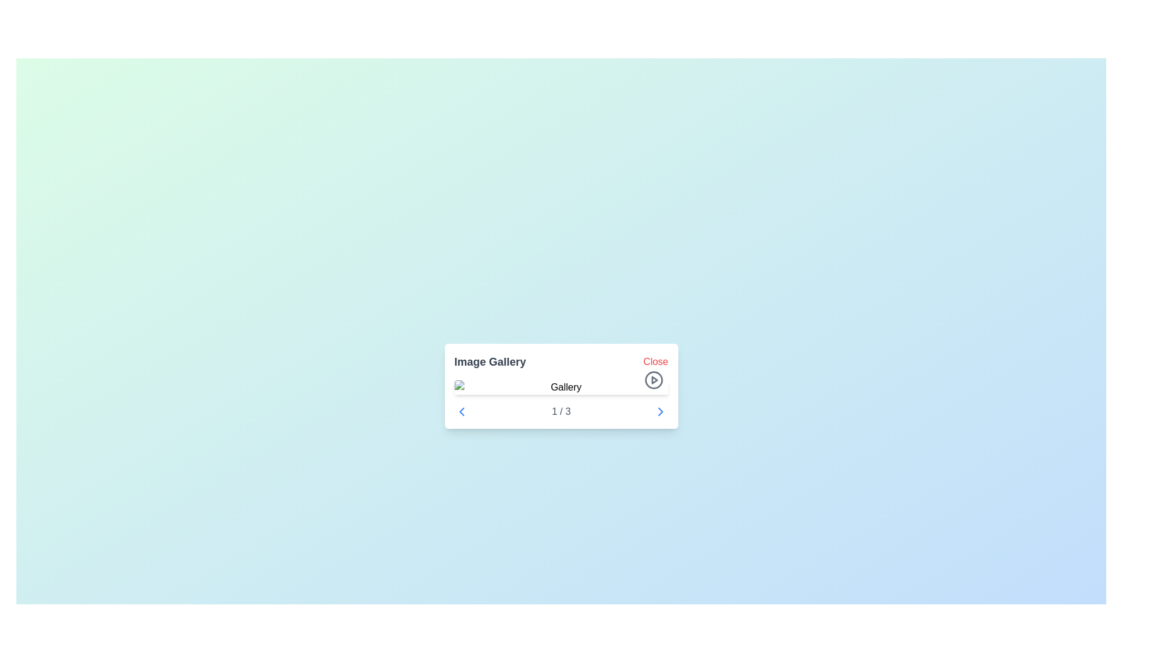 The height and width of the screenshot is (656, 1167). Describe the element at coordinates (560, 411) in the screenshot. I see `the left arrow of the Pagination Control located at the bottom of the 'Image Gallery' modal` at that location.